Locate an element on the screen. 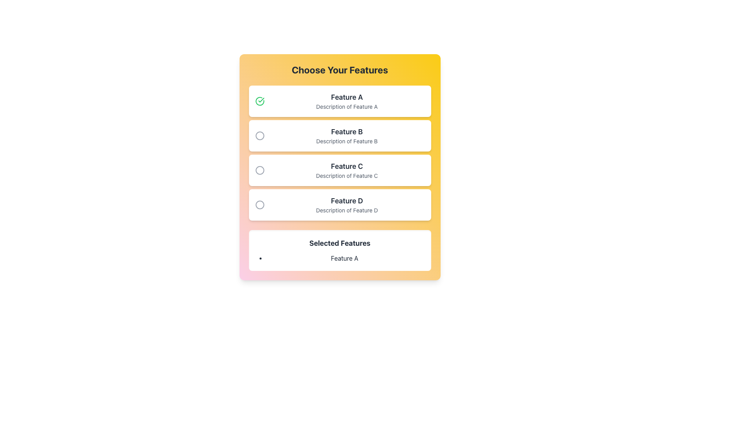 The height and width of the screenshot is (424, 754). the descriptive text element located directly below the label 'Feature B' in the 'Choose Your Features' list is located at coordinates (346, 141).